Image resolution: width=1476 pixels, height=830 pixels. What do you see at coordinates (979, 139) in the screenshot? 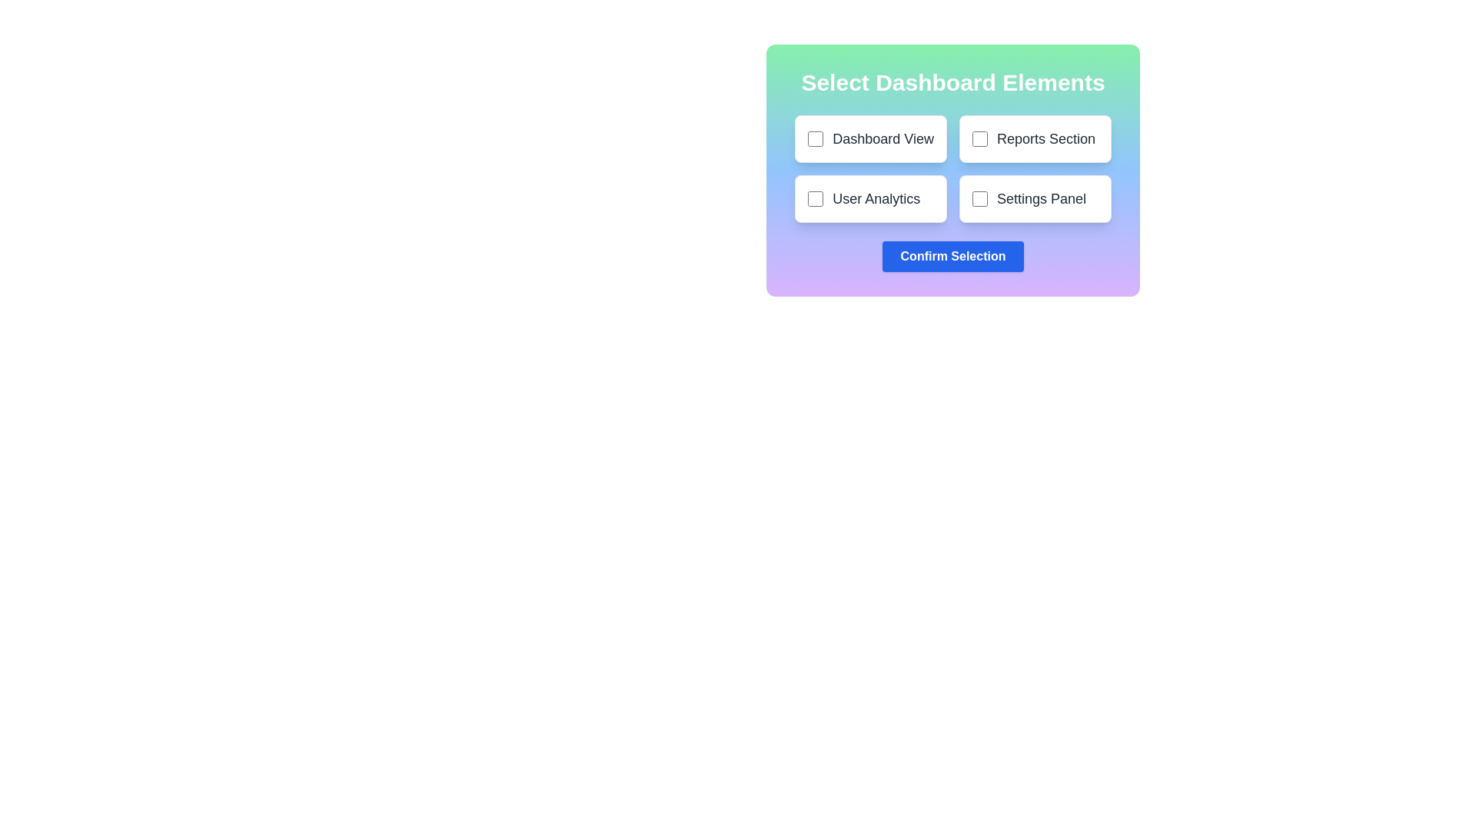
I see `the checkbox for Reports Section` at bounding box center [979, 139].